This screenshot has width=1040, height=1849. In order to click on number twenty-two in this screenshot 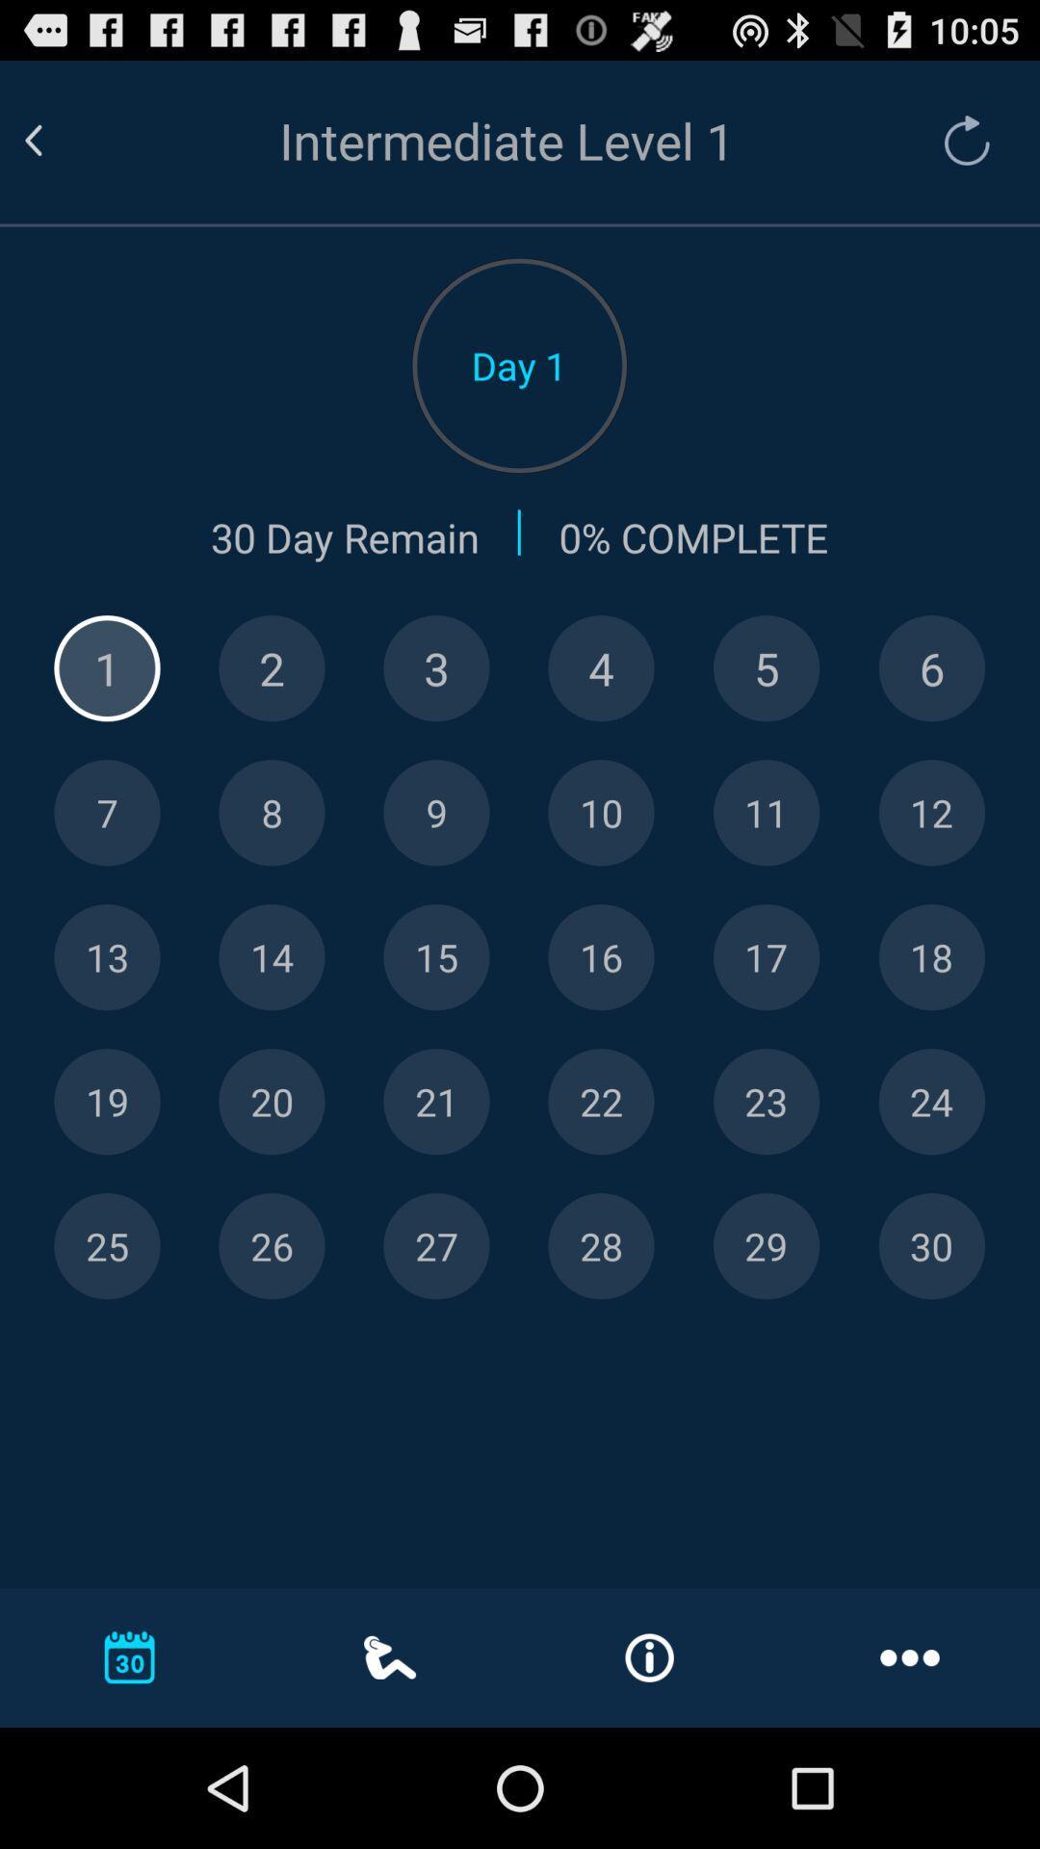, I will do `click(600, 1102)`.